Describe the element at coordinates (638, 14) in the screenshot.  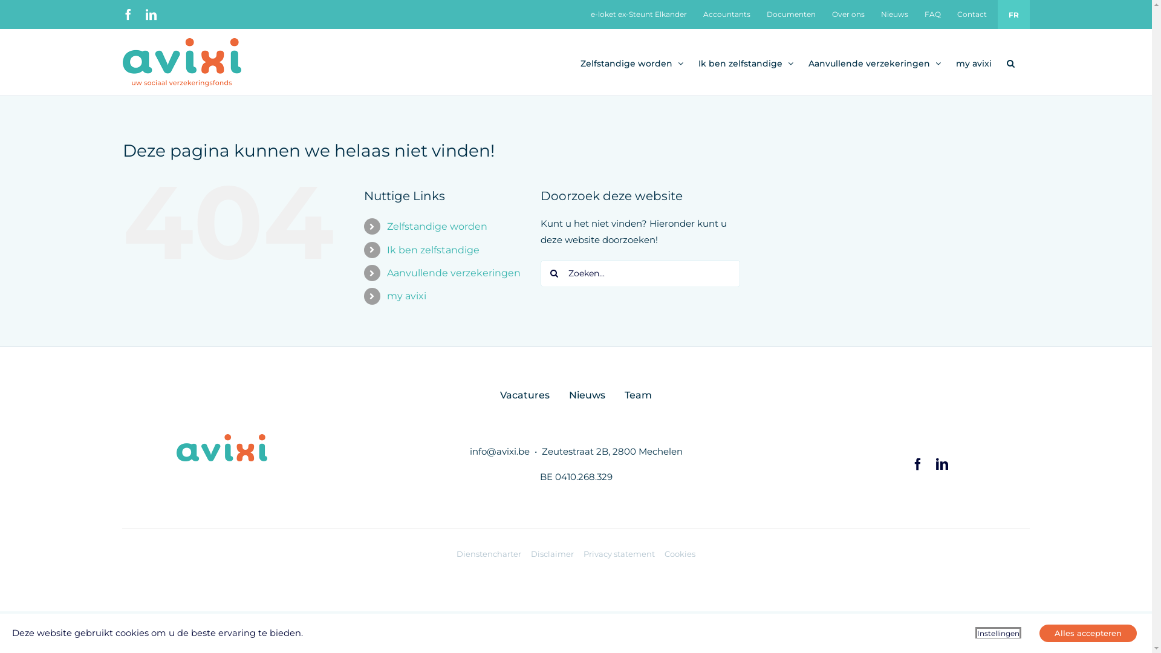
I see `'e-loket ex-Steunt Elkander'` at that location.